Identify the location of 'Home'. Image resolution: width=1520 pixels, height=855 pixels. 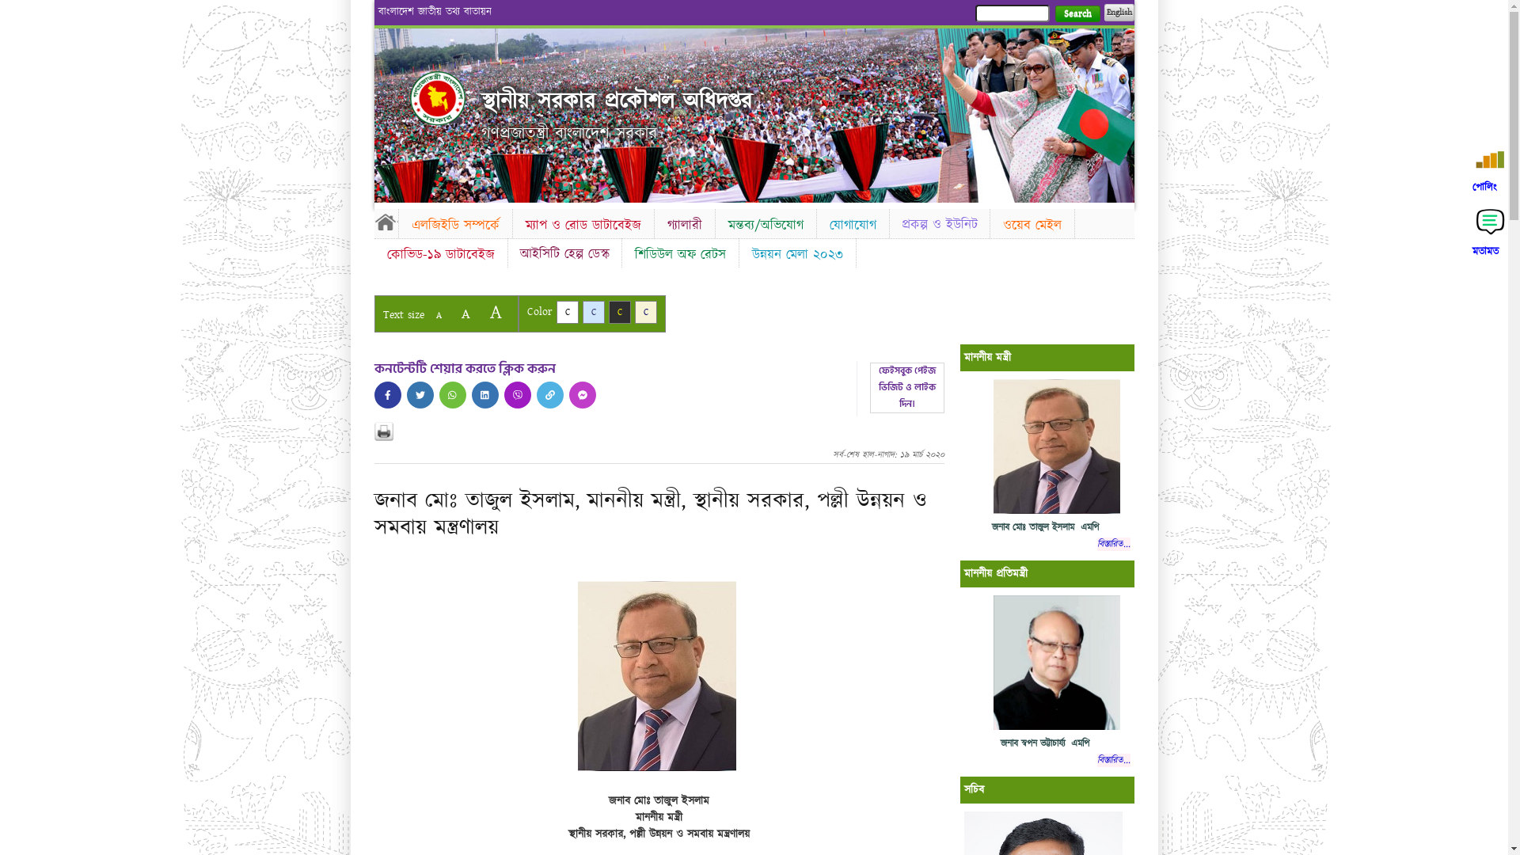
(410, 97).